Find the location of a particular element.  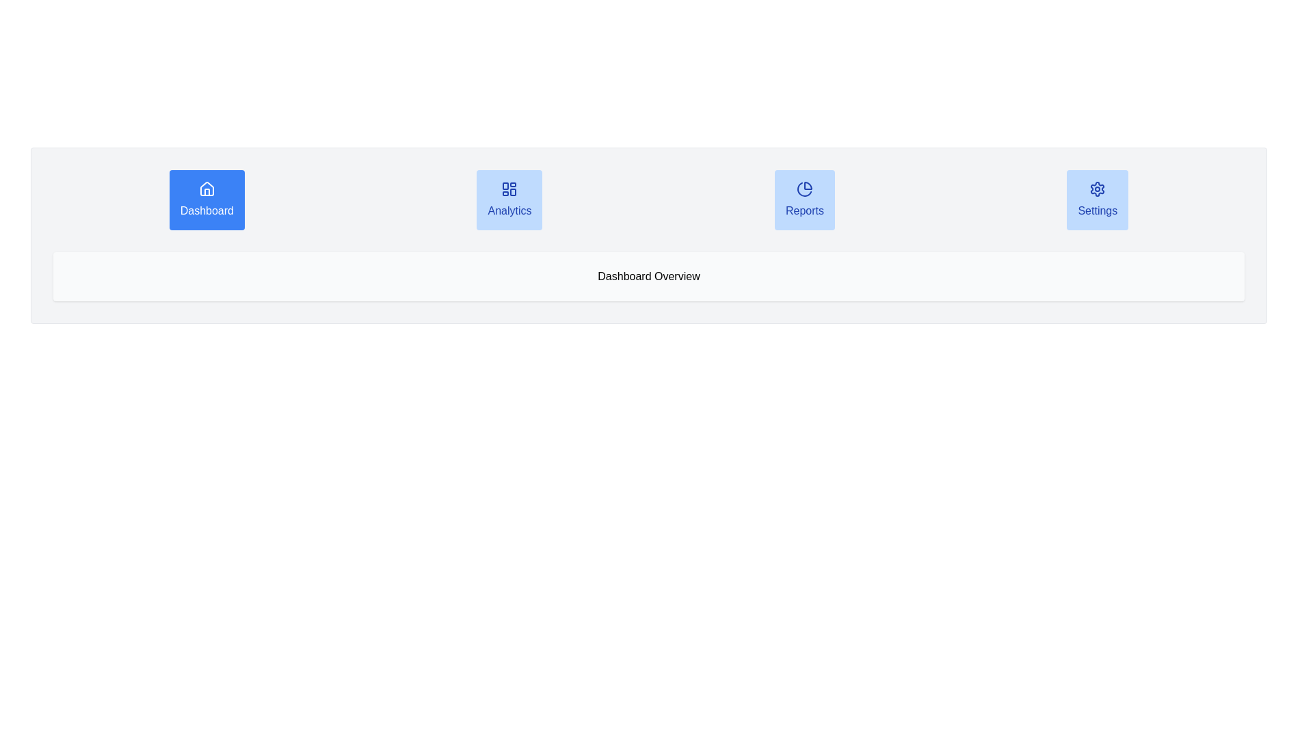

the 'Settings' icon located within a blue button on the far-right of the navigation bar is located at coordinates (1098, 189).